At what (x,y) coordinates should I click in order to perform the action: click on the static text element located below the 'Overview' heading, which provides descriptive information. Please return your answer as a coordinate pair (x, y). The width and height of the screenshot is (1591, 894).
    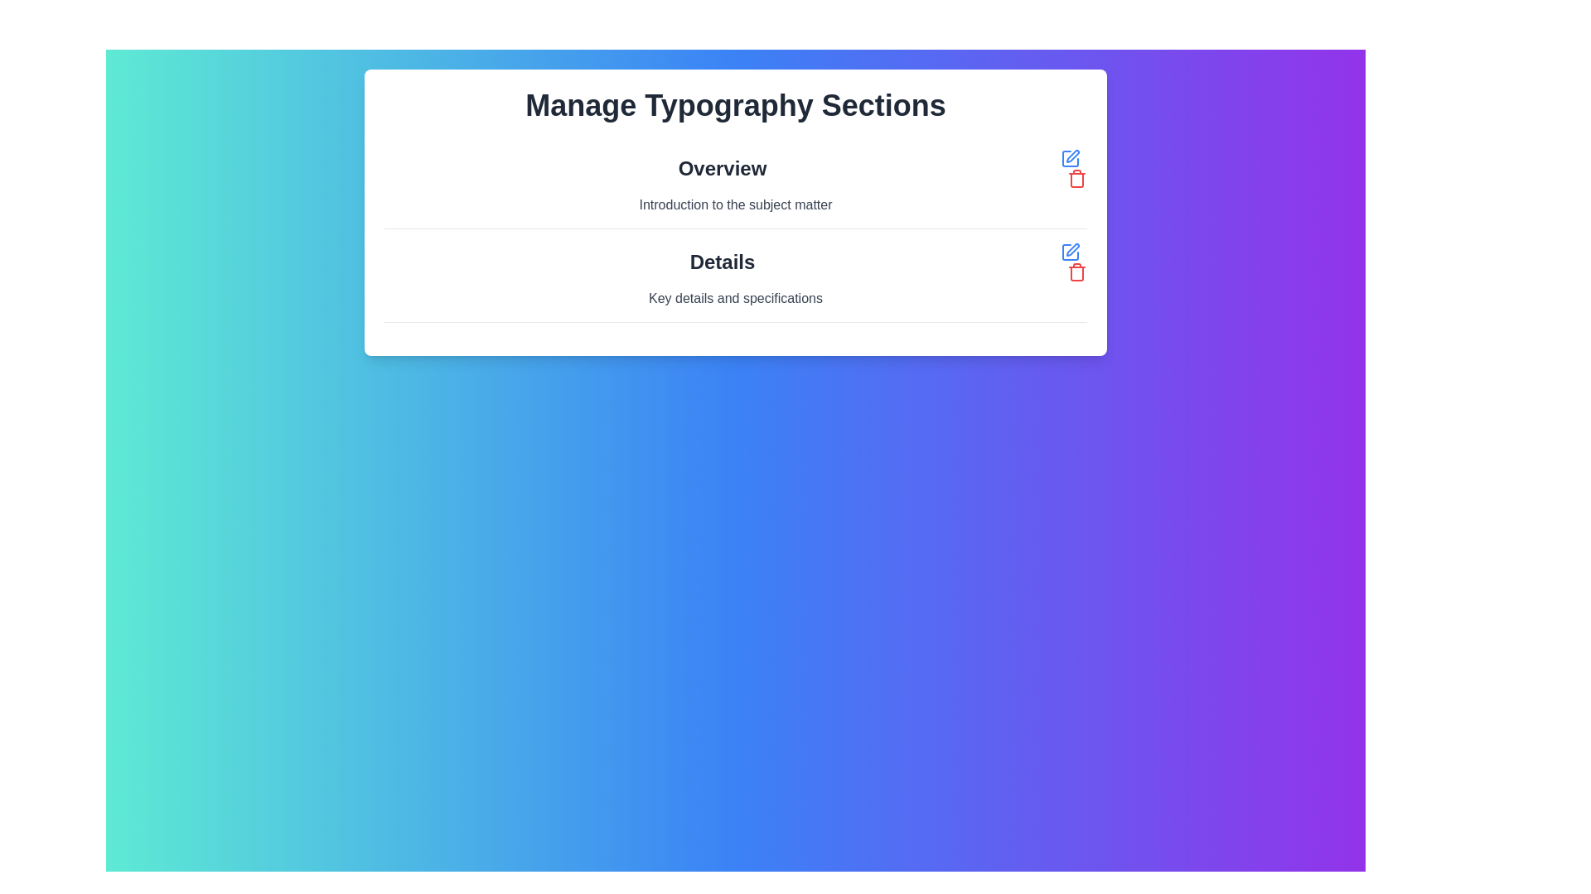
    Looking at the image, I should click on (735, 204).